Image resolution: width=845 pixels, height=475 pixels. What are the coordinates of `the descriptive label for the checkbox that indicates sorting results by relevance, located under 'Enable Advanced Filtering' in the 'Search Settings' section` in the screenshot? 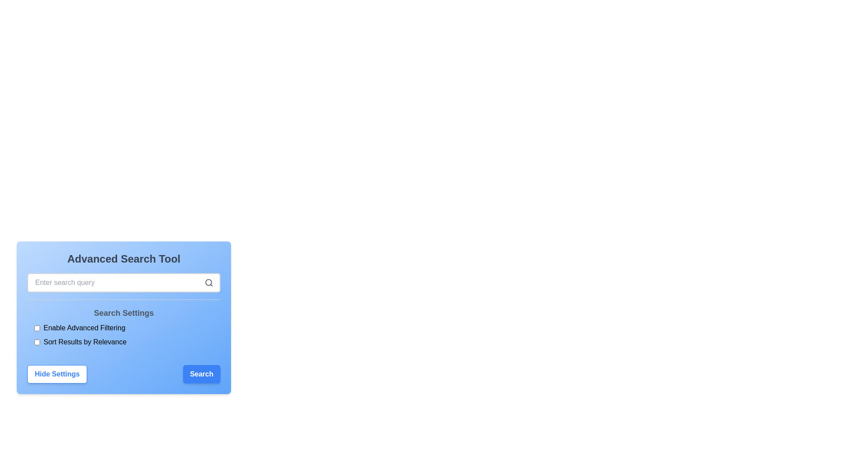 It's located at (85, 342).